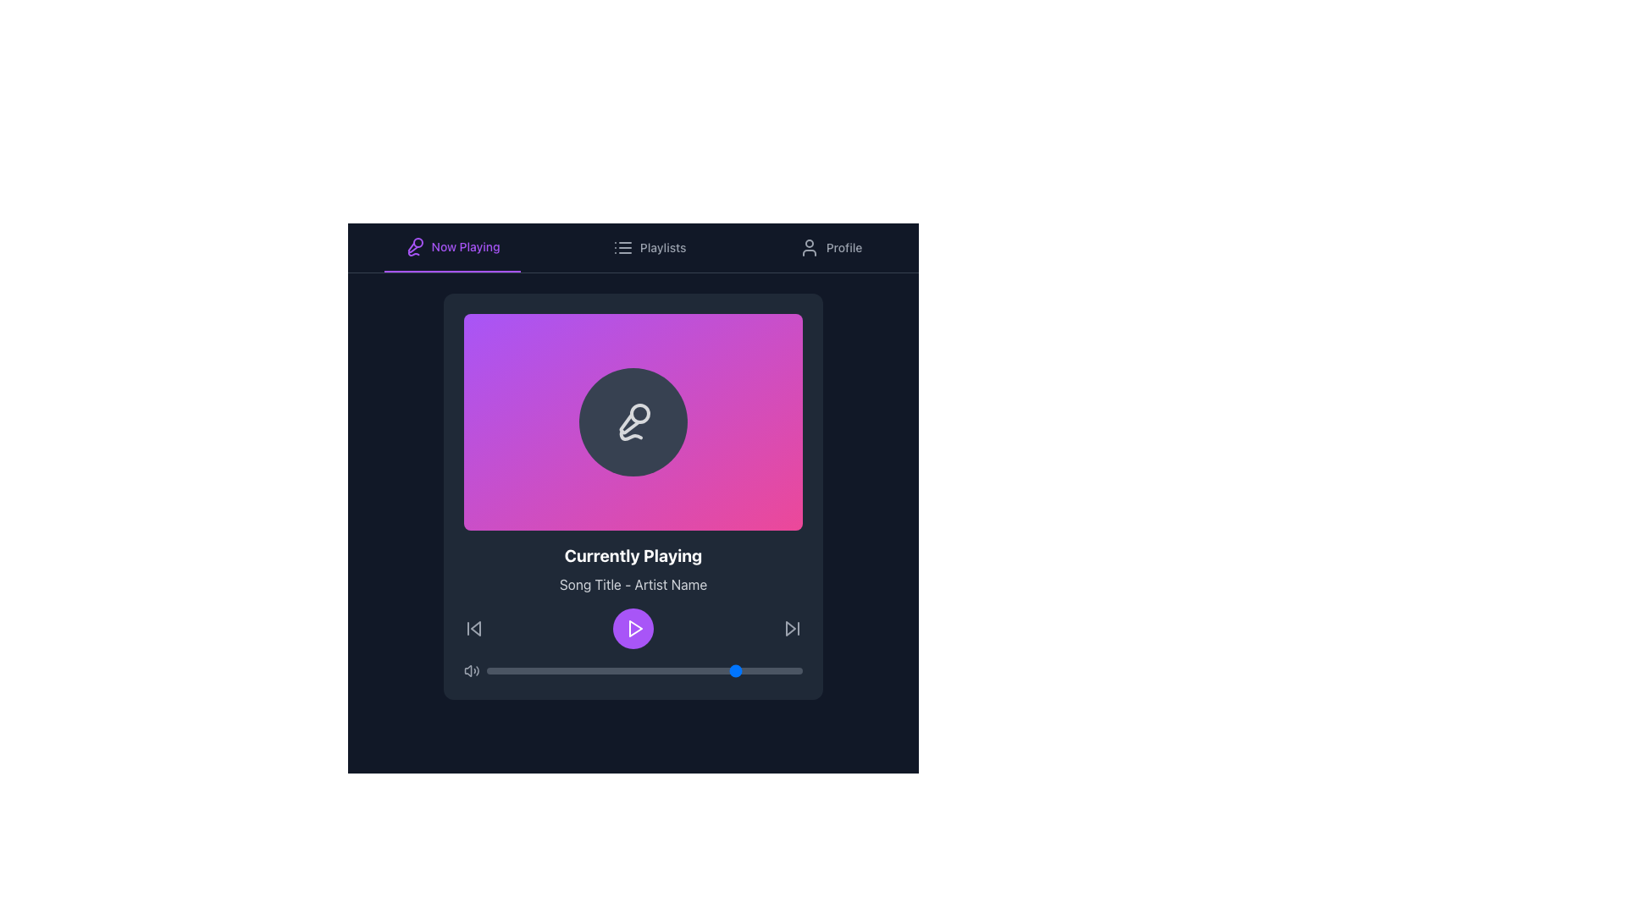 This screenshot has width=1626, height=914. What do you see at coordinates (790, 629) in the screenshot?
I see `the forward navigation or skip button, which is a triangular SVG graphic located in the lower-right part of the media player interface` at bounding box center [790, 629].